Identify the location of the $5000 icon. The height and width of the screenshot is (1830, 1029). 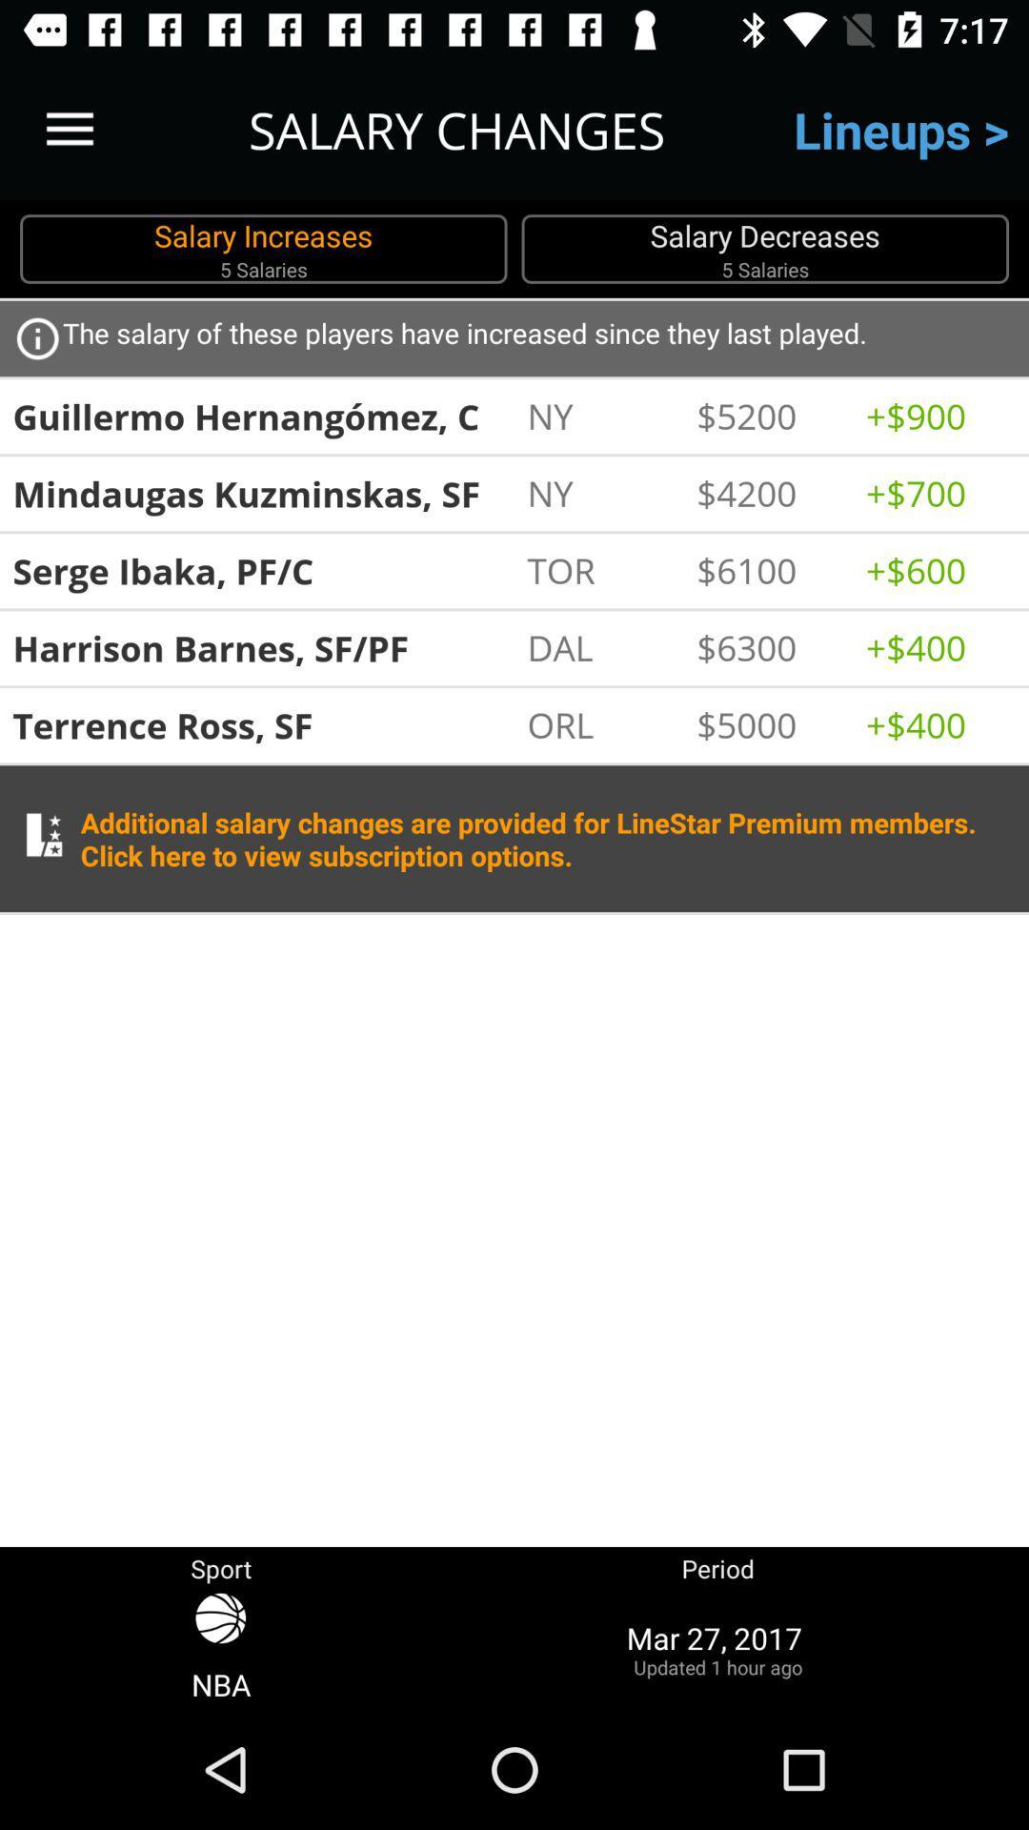
(770, 723).